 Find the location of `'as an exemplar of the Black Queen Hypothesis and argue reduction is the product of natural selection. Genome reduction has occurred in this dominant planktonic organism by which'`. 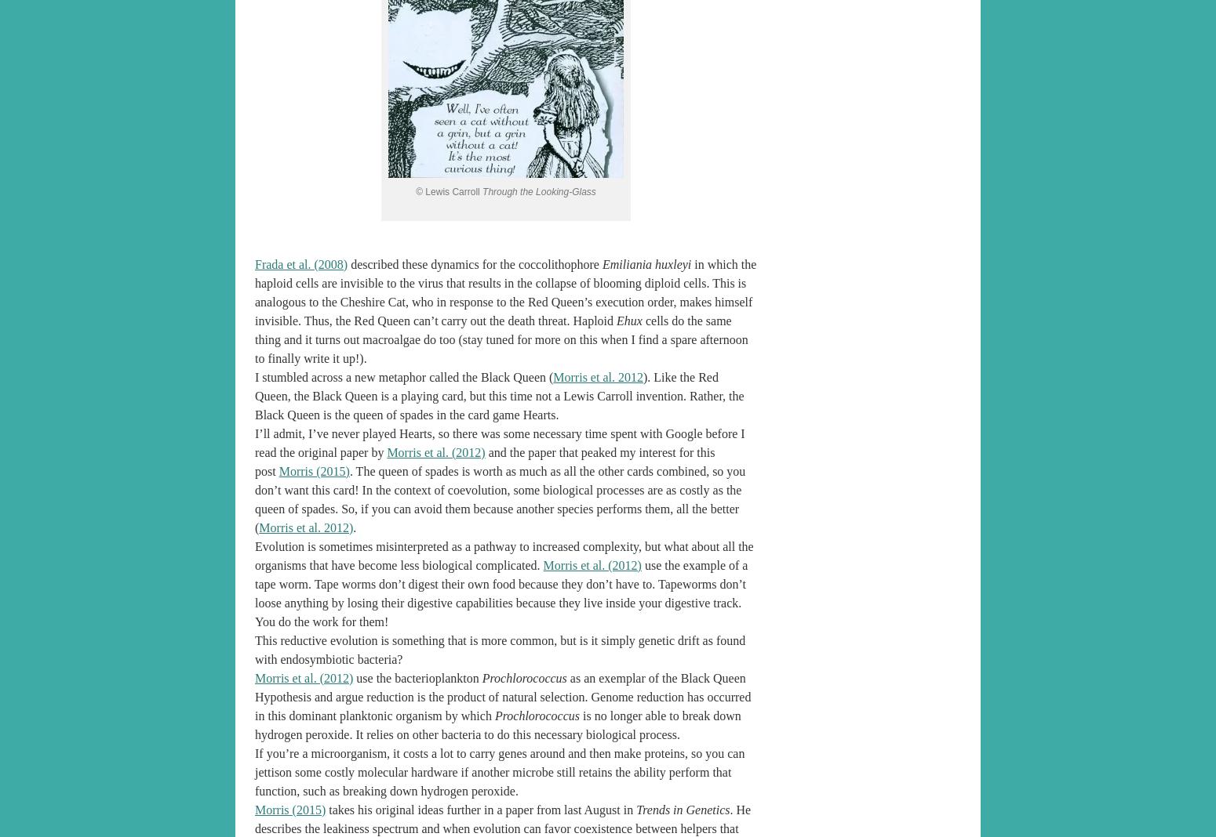

'as an exemplar of the Black Queen Hypothesis and argue reduction is the product of natural selection. Genome reduction has occurred in this dominant planktonic organism by which' is located at coordinates (501, 695).